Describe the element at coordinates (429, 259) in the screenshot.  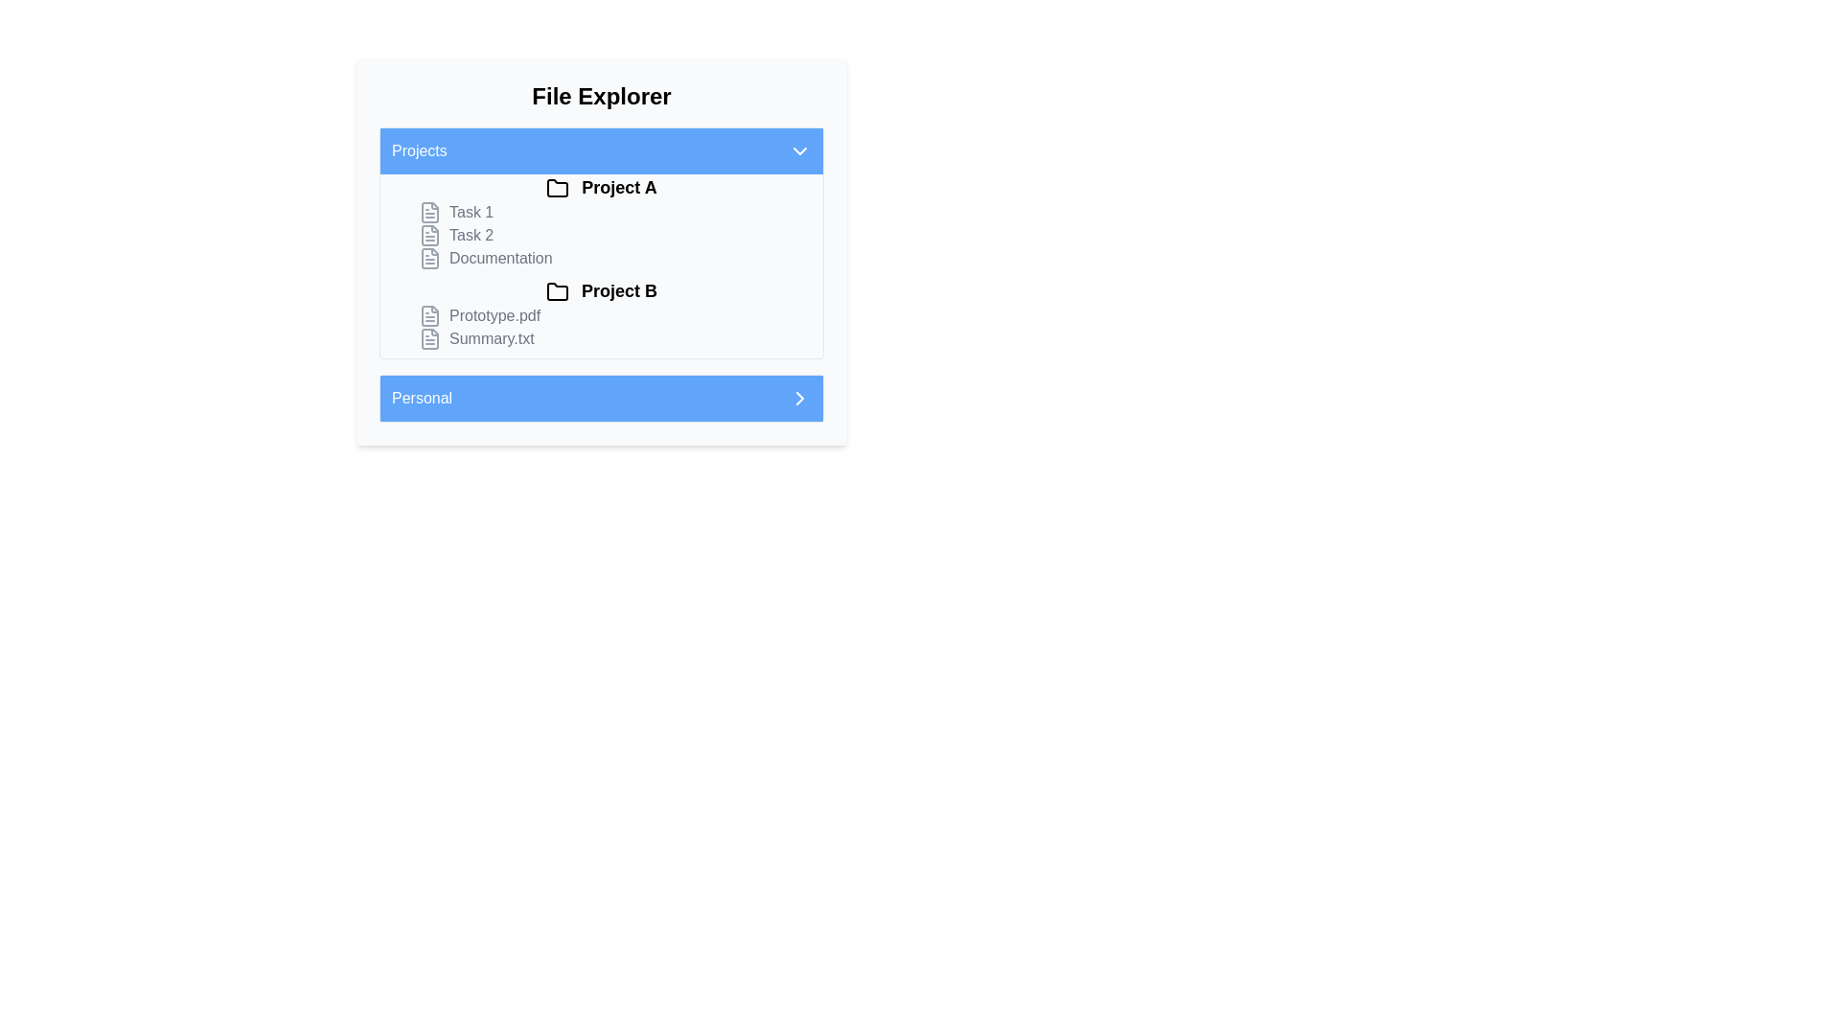
I see `the document icon under the 'Projects' section of the file explorer` at that location.